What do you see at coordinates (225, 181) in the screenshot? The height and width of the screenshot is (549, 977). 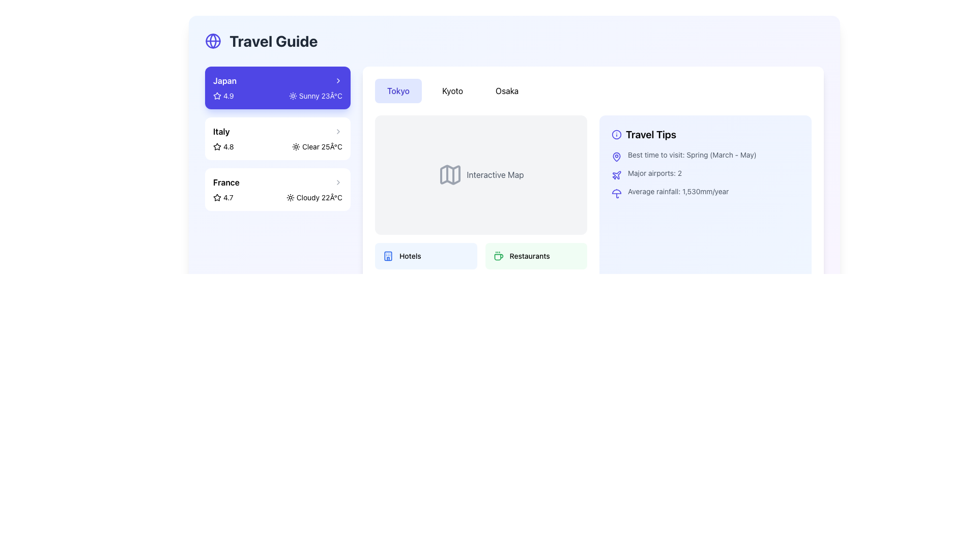 I see `the text label displaying 'France'` at bounding box center [225, 181].